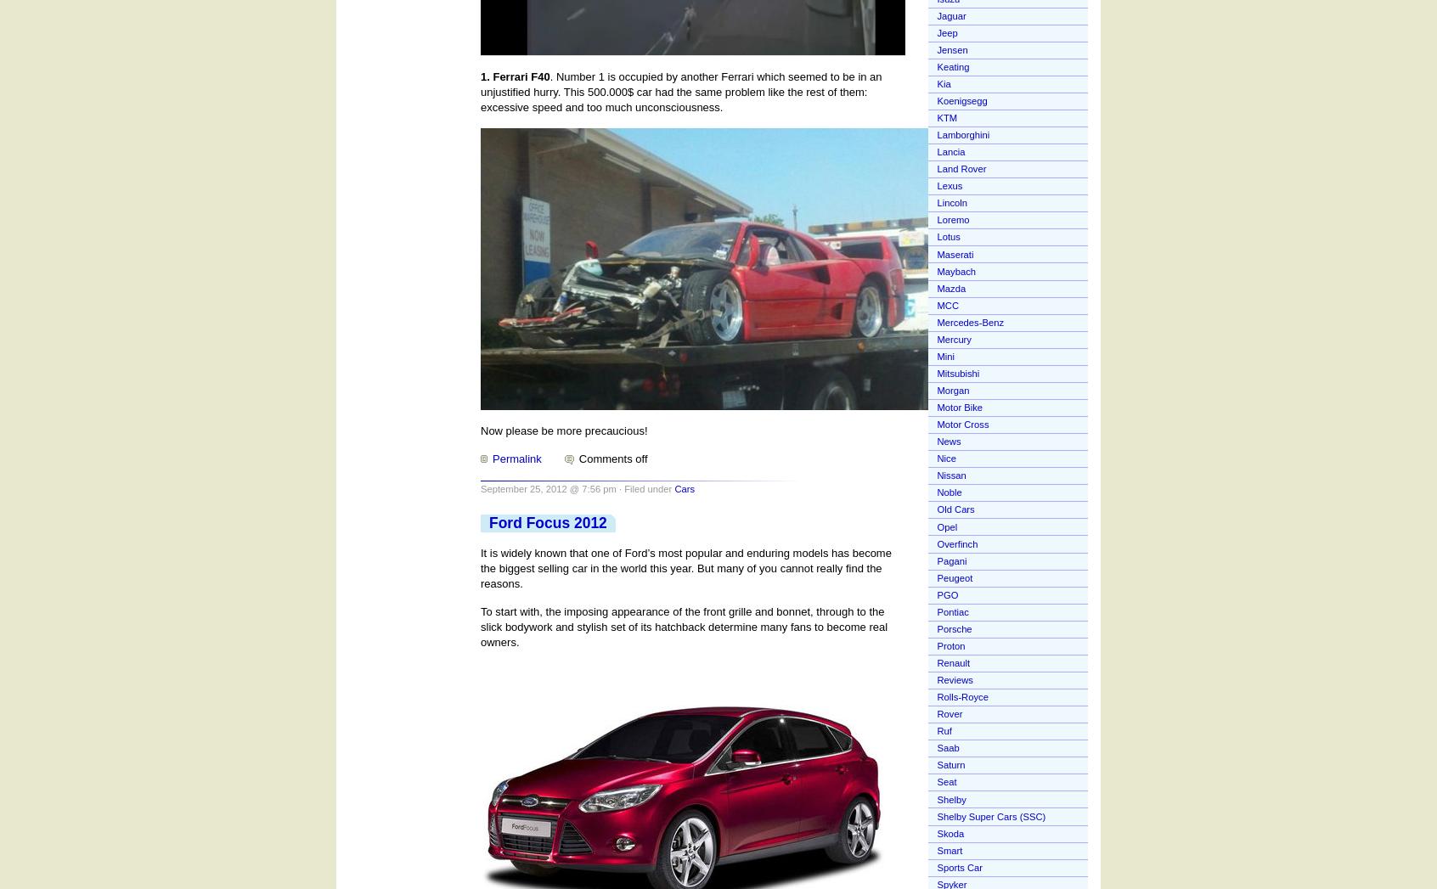 The height and width of the screenshot is (889, 1437). What do you see at coordinates (946, 782) in the screenshot?
I see `'Seat'` at bounding box center [946, 782].